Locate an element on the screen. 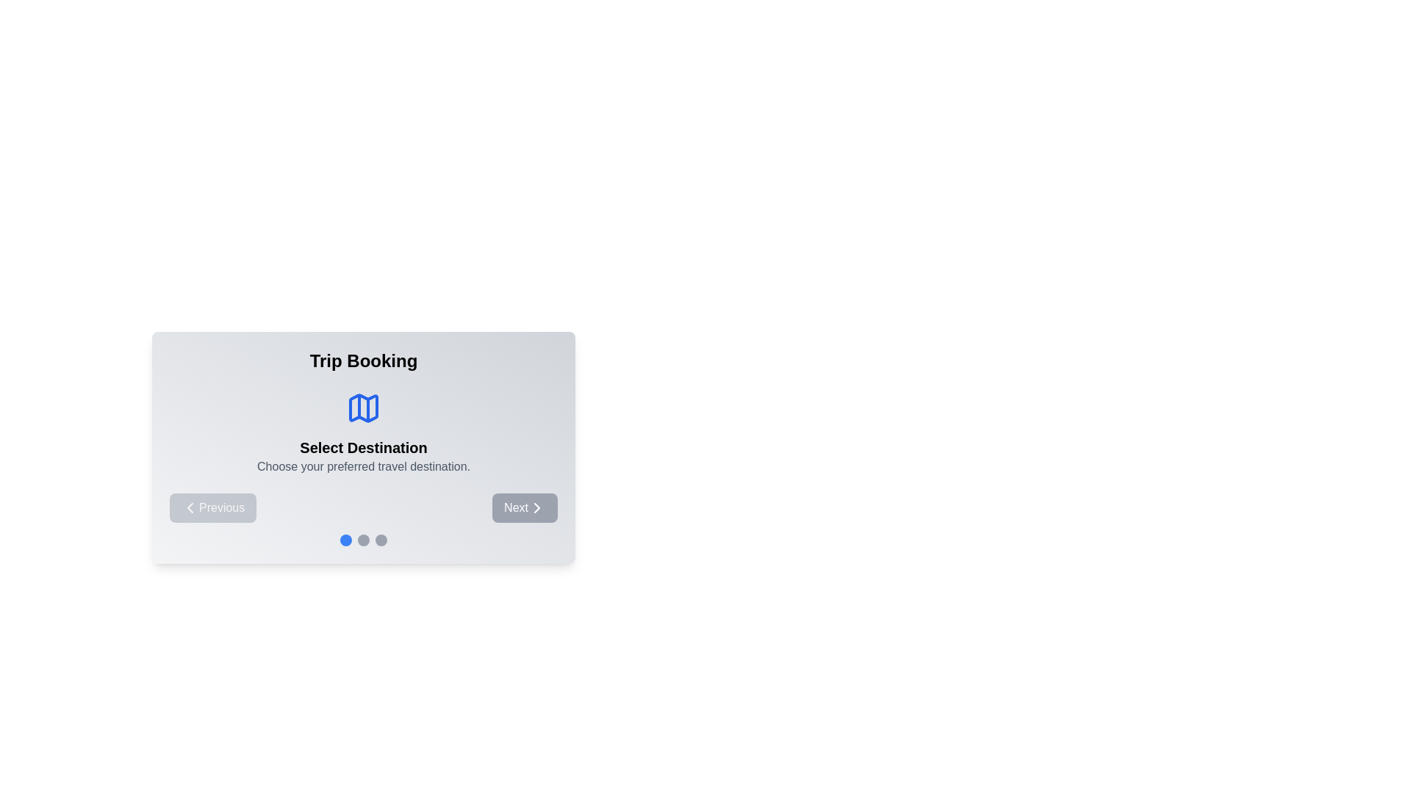  the second circular navigation dot, which is a small, gray, filled circle positioned centrally among a series of three navigation indicators is located at coordinates (363, 540).